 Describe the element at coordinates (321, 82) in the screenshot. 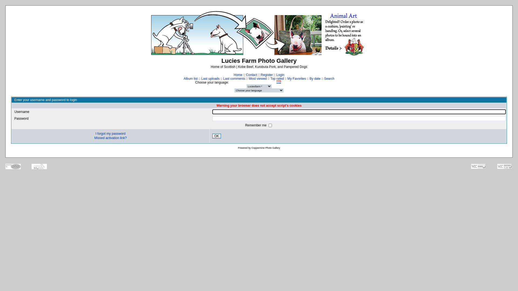

I see `'Default language'` at that location.